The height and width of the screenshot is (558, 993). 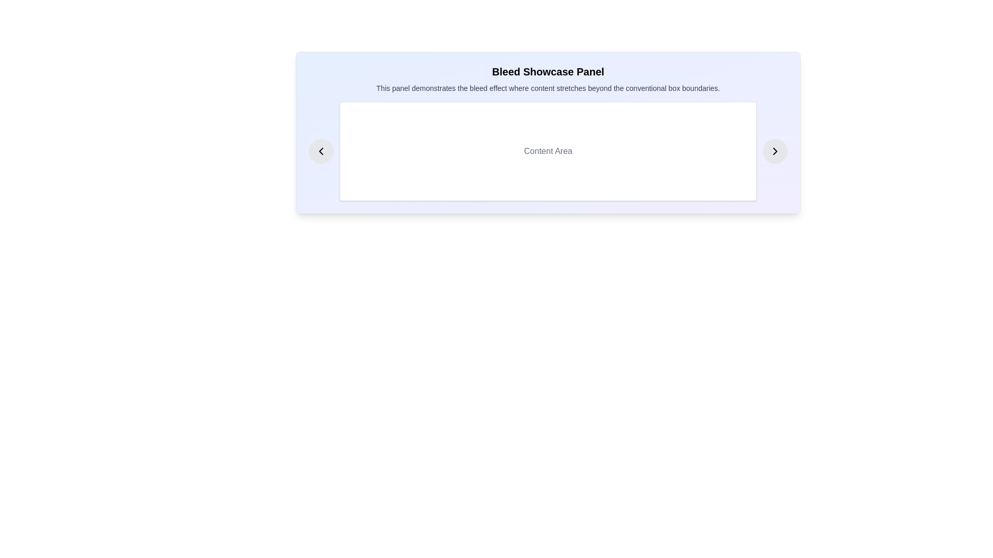 I want to click on the descriptive text block that explains the demonstration of the bleed effect, located below the title 'Bleed Showcase Panel' and above the 'Content Area.', so click(x=548, y=87).